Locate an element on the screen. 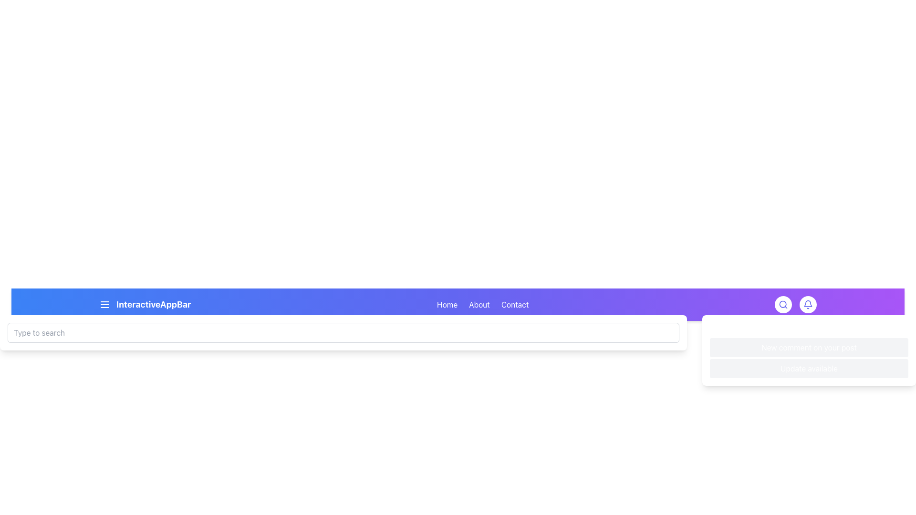 The height and width of the screenshot is (515, 916). the 'Home' text link in the navbar to observe its hover effects is located at coordinates (447, 305).